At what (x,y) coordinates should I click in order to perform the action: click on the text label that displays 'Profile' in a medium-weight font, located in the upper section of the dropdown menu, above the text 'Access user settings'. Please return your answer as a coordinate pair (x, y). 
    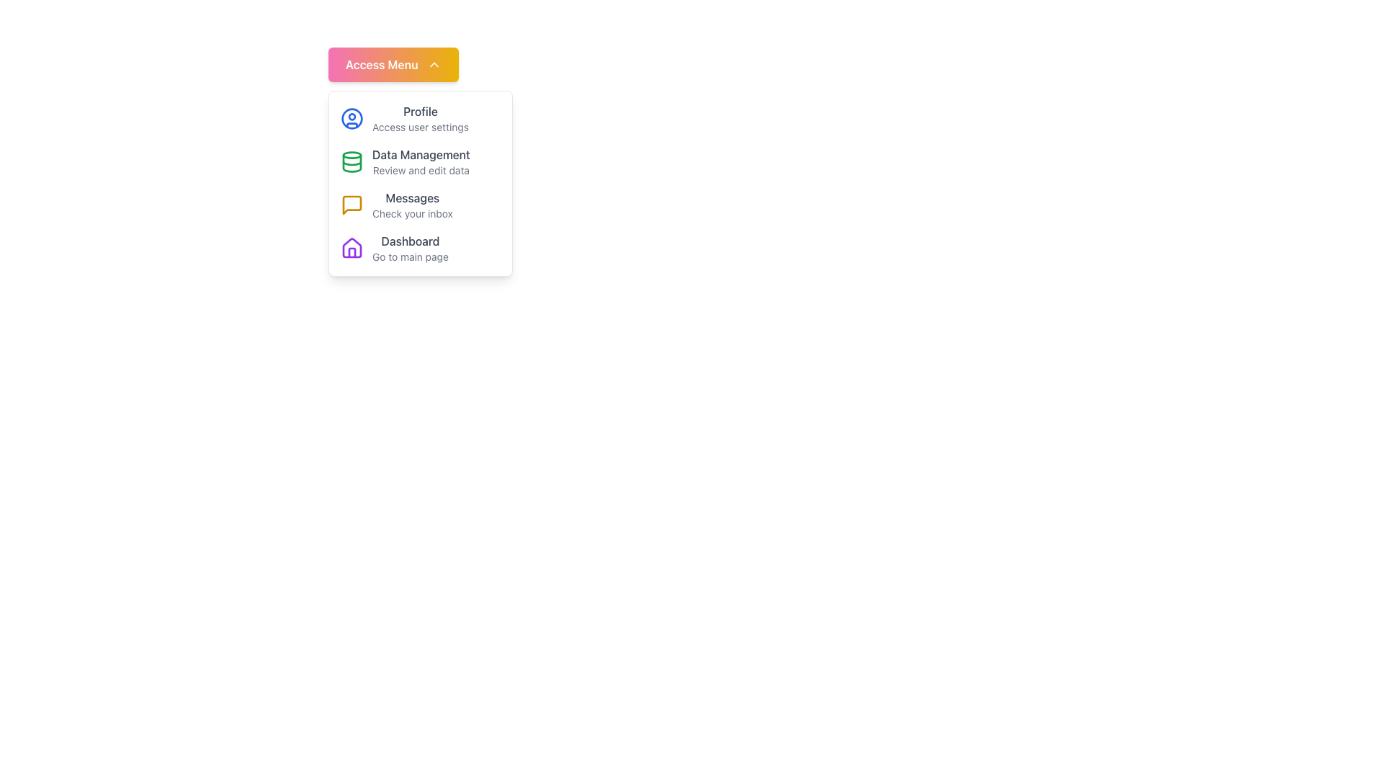
    Looking at the image, I should click on (419, 110).